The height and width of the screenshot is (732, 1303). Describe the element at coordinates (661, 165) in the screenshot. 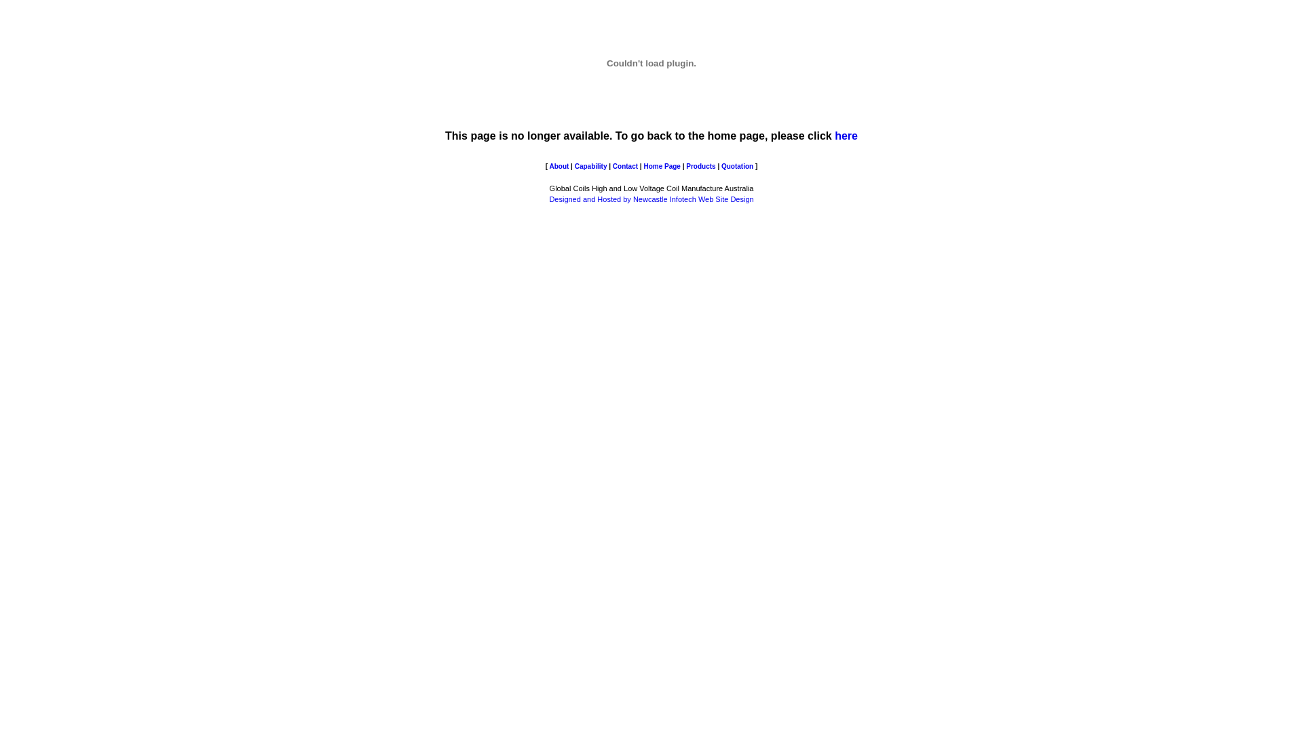

I see `'Home Page'` at that location.